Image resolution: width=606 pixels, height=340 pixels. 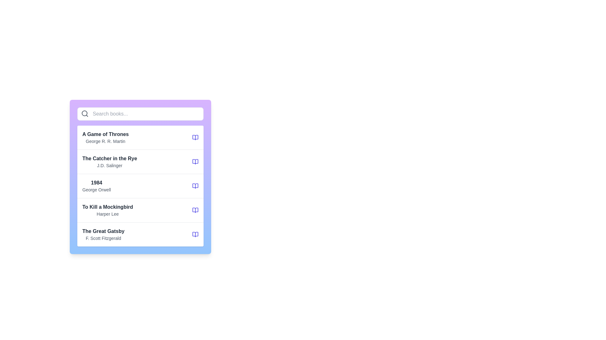 I want to click on the Text Display showing 'The Great Gatsby' by F. Scott Fitzgerald, so click(x=103, y=234).